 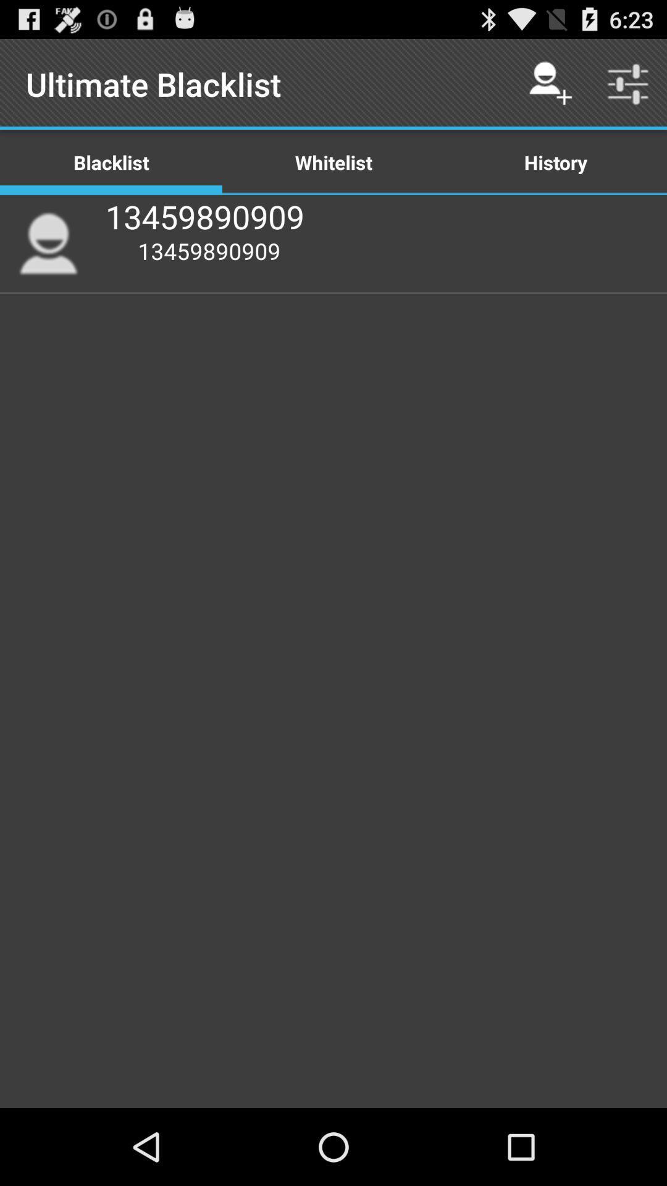 What do you see at coordinates (333, 161) in the screenshot?
I see `icon to the left of the history icon` at bounding box center [333, 161].